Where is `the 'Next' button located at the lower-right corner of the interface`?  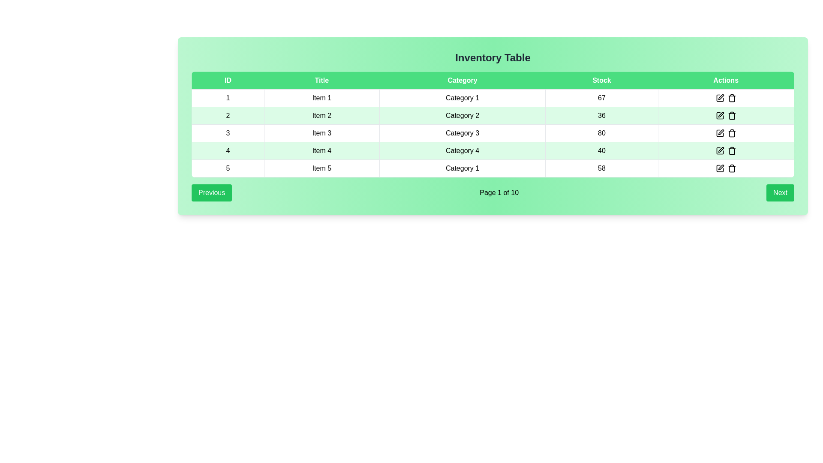 the 'Next' button located at the lower-right corner of the interface is located at coordinates (780, 193).